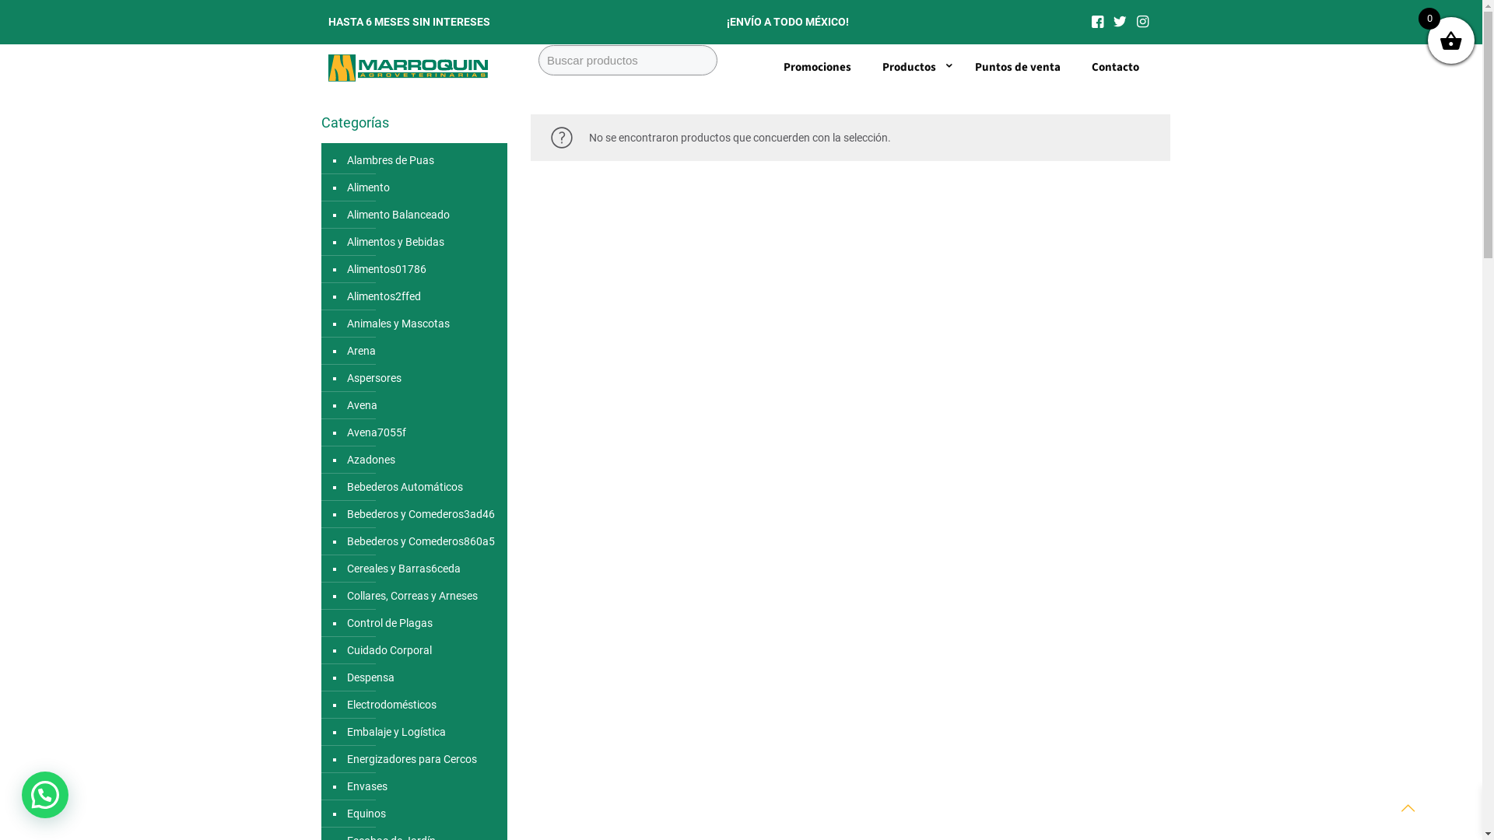 This screenshot has width=1494, height=840. I want to click on 'Alimentos2ffed', so click(422, 296).